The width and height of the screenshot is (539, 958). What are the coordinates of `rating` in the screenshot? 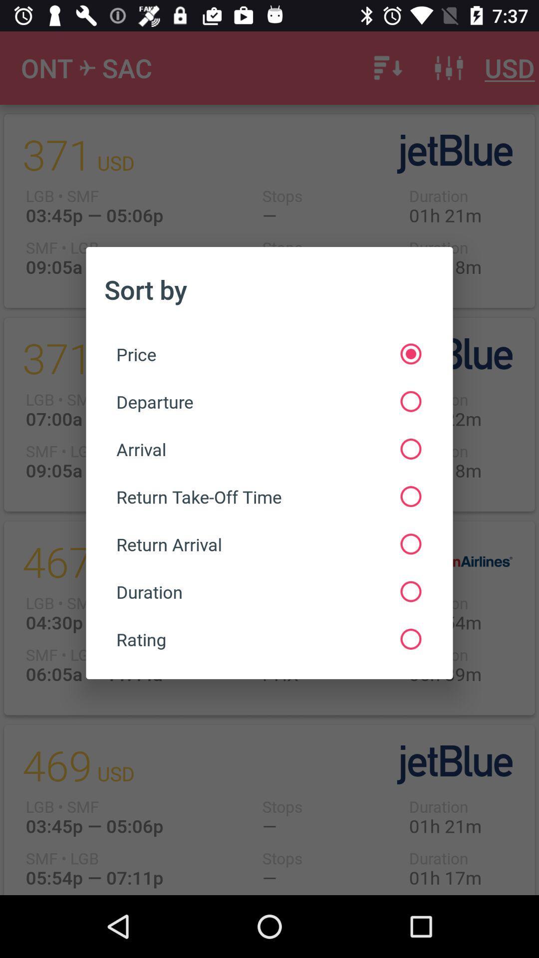 It's located at (268, 639).